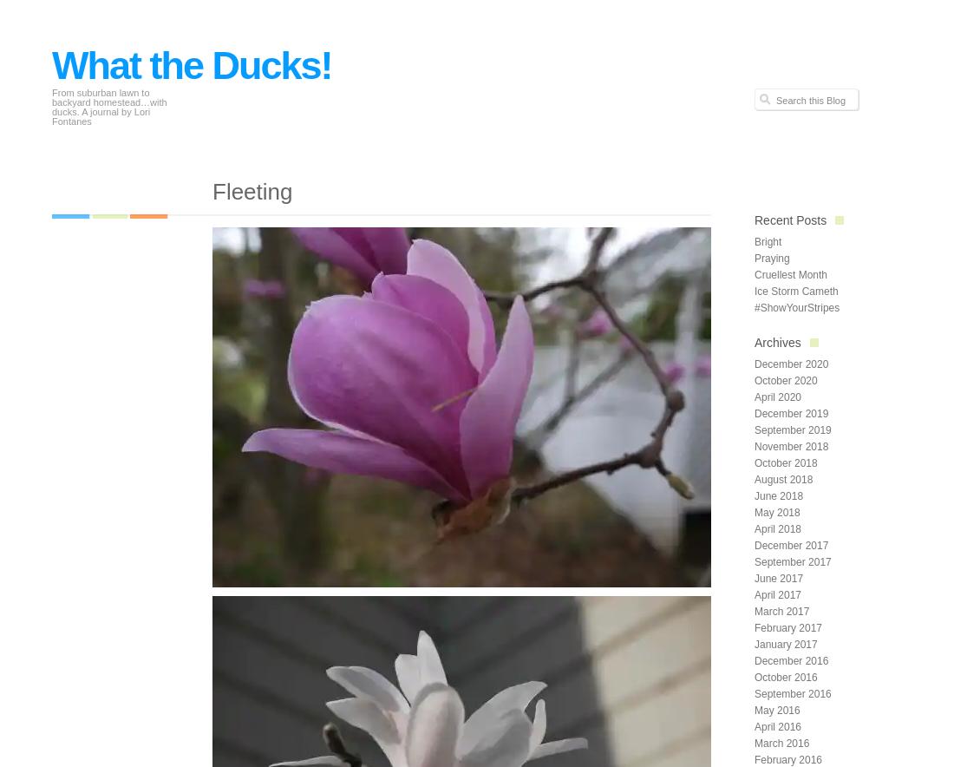 This screenshot has width=954, height=767. I want to click on 'March 2017', so click(753, 610).